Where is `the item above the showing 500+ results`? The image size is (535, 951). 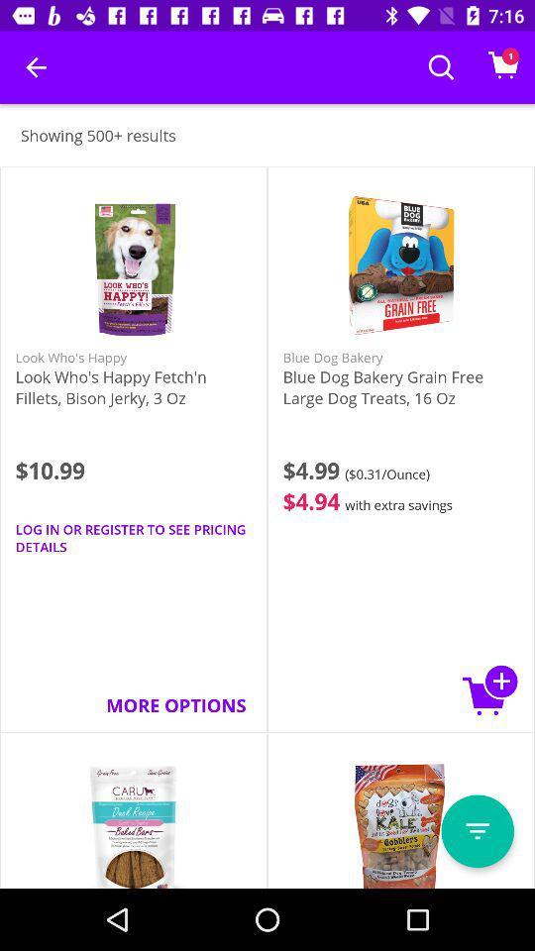 the item above the showing 500+ results is located at coordinates (36, 67).